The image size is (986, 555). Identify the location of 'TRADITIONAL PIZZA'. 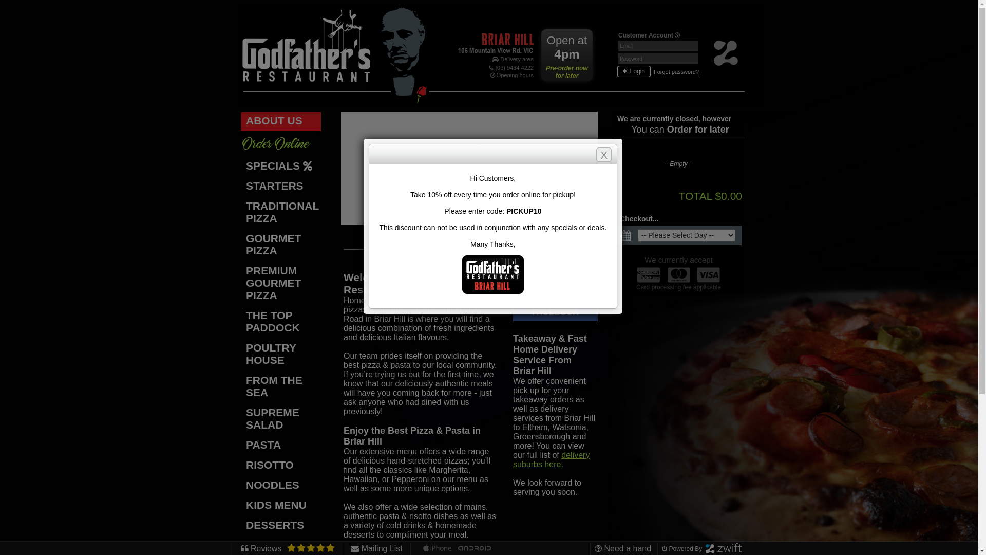
(281, 212).